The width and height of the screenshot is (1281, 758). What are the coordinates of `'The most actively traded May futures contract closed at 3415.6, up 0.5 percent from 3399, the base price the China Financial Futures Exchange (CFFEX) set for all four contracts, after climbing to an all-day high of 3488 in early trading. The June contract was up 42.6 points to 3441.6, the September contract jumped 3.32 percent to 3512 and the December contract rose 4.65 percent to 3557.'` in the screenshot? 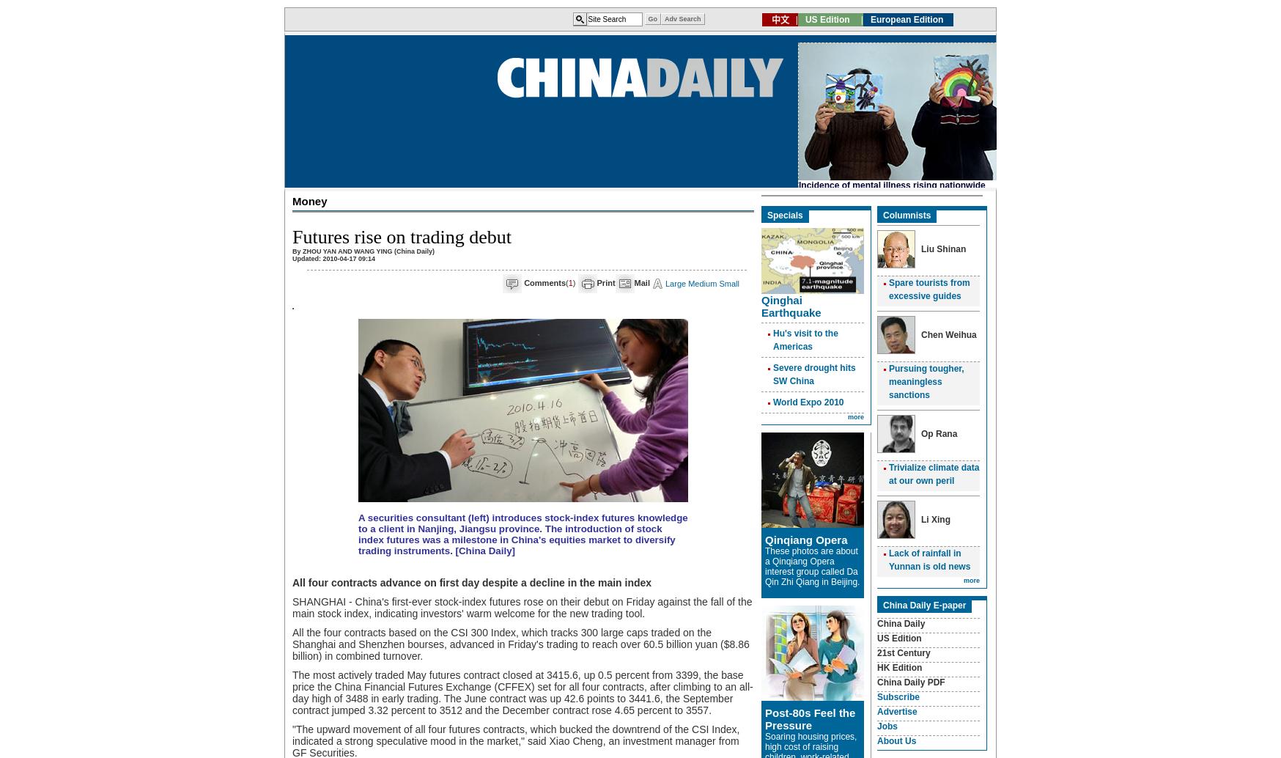 It's located at (523, 691).